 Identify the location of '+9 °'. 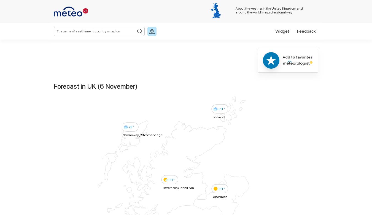
(128, 127).